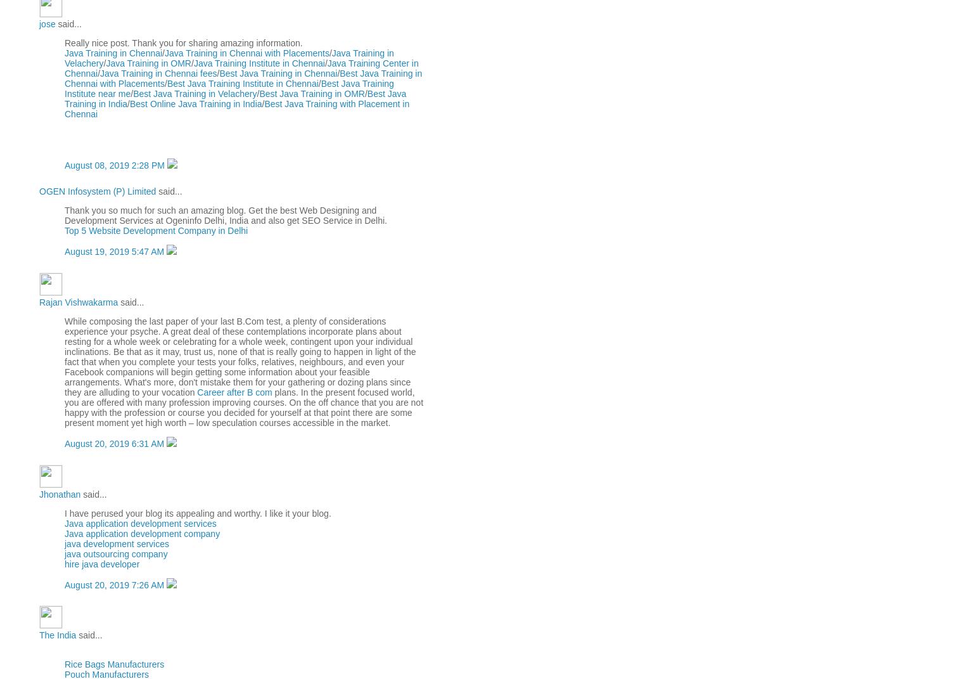 The height and width of the screenshot is (679, 979). What do you see at coordinates (114, 664) in the screenshot?
I see `'Rice Bags Manufacturers'` at bounding box center [114, 664].